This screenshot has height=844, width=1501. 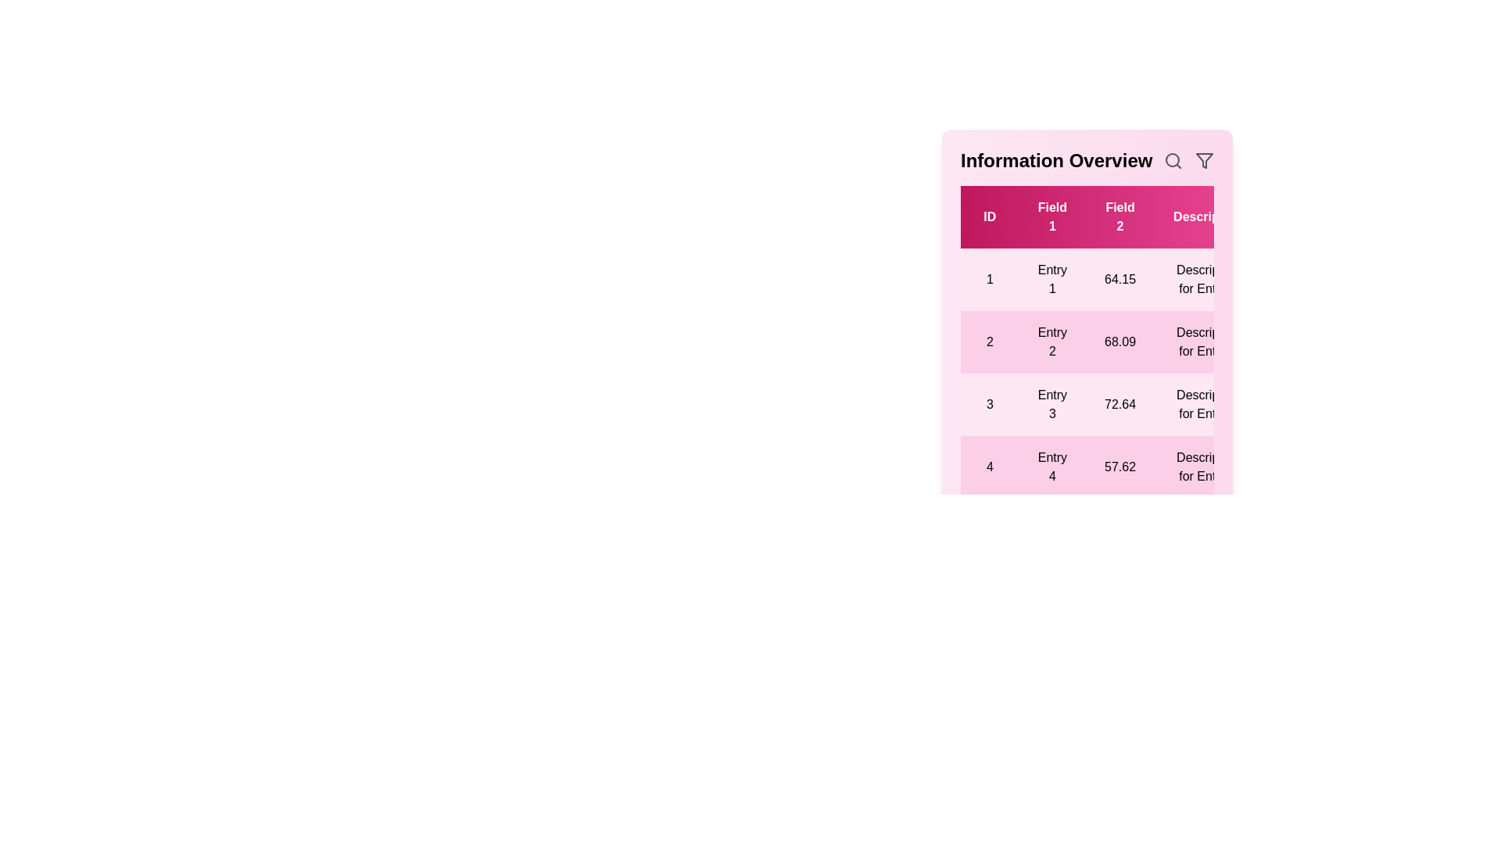 What do you see at coordinates (1207, 216) in the screenshot?
I see `the table header Description to sort by that column` at bounding box center [1207, 216].